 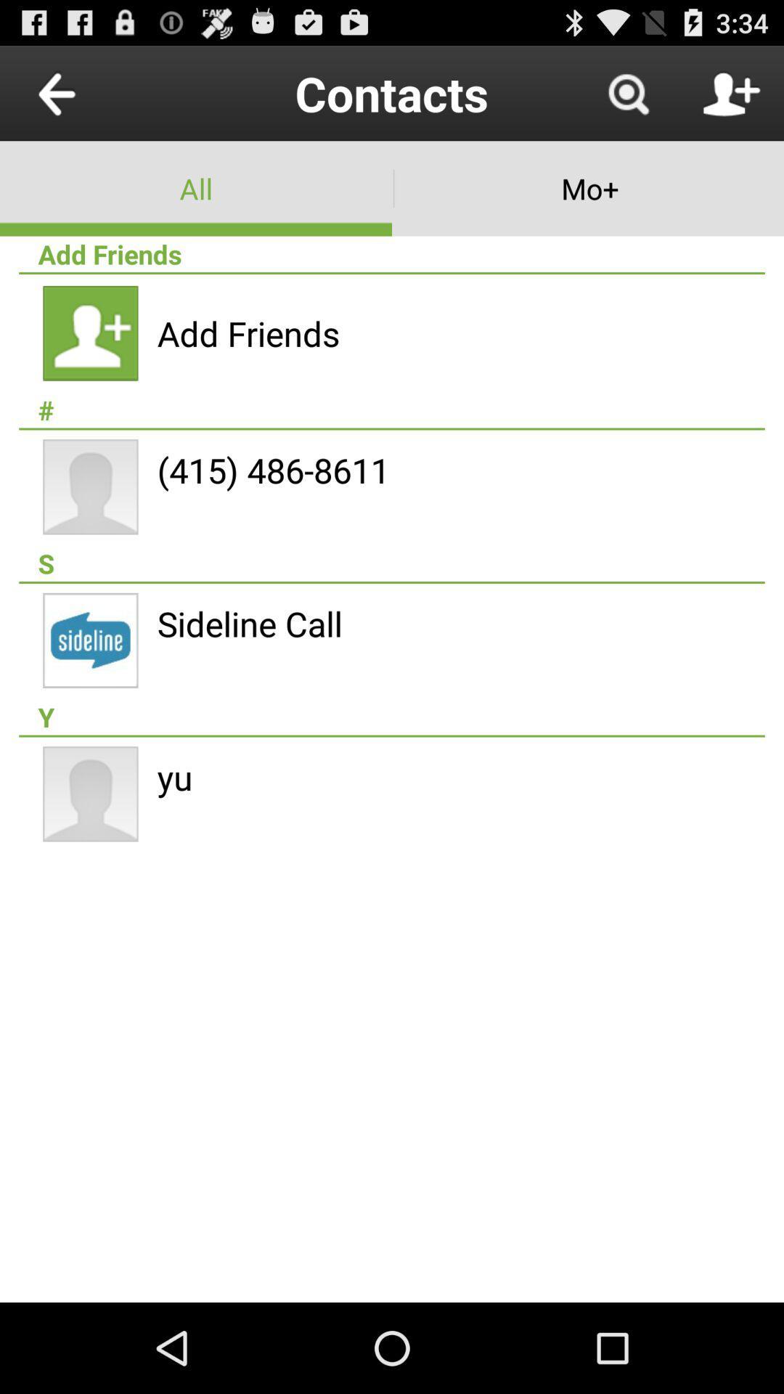 I want to click on yu app, so click(x=174, y=776).